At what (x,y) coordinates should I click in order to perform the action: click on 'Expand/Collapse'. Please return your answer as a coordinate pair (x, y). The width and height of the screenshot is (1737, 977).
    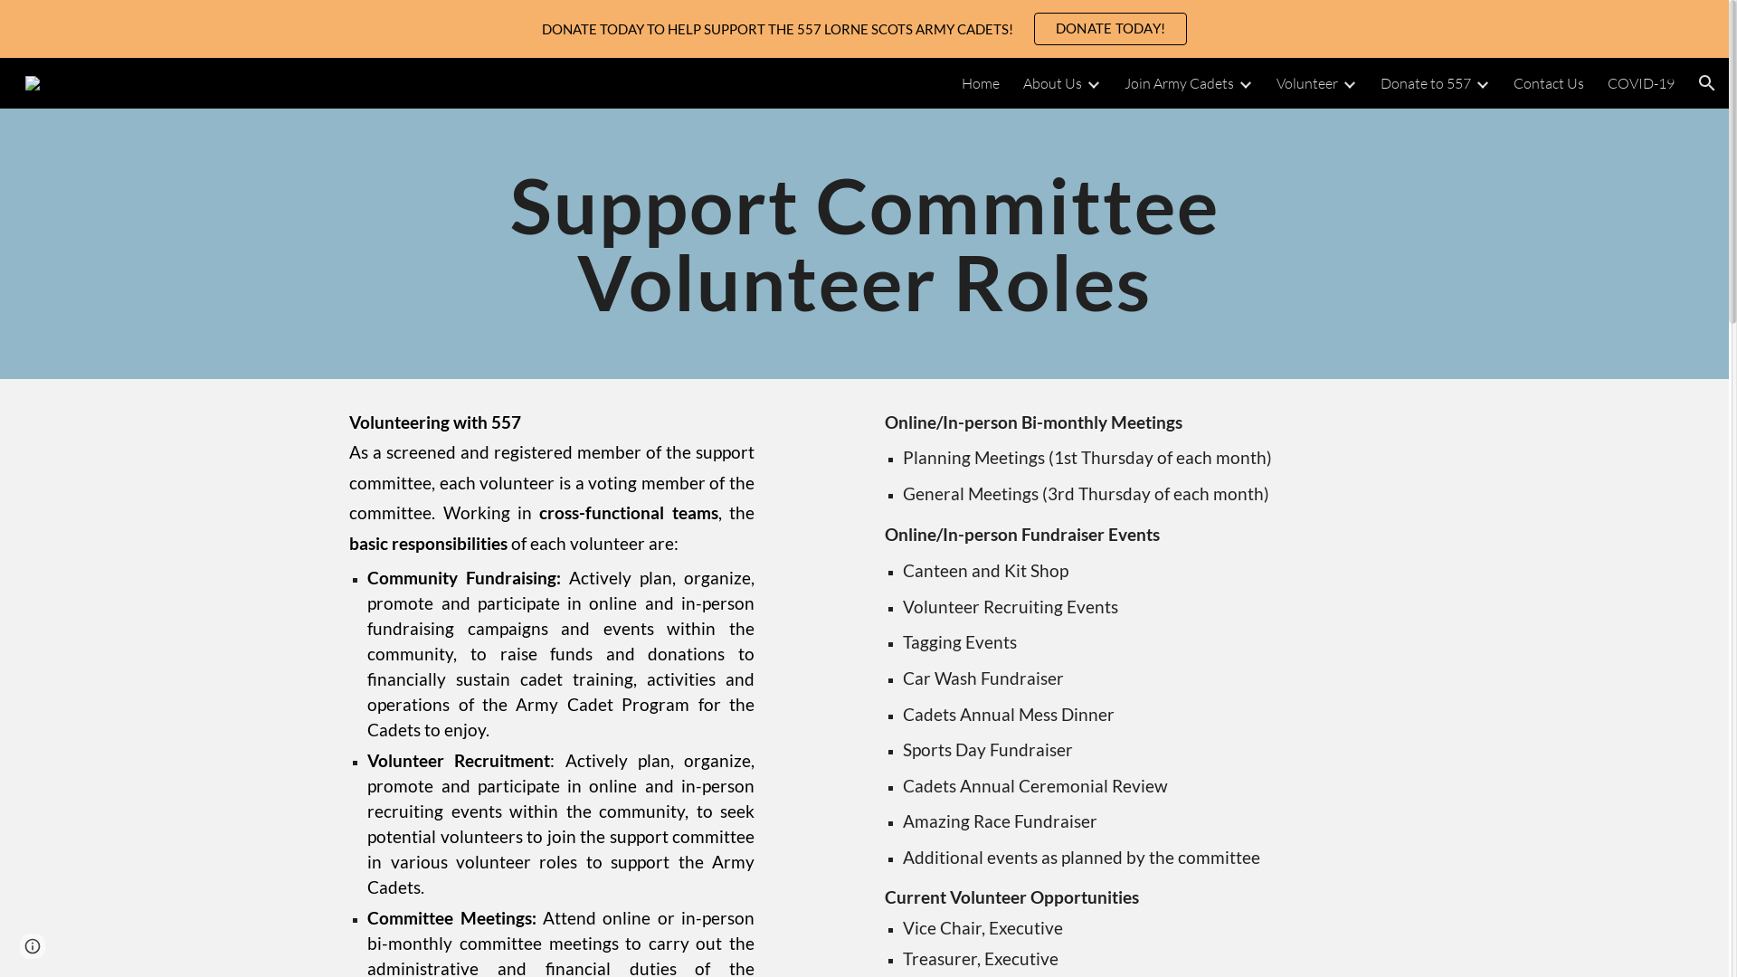
    Looking at the image, I should click on (1236, 83).